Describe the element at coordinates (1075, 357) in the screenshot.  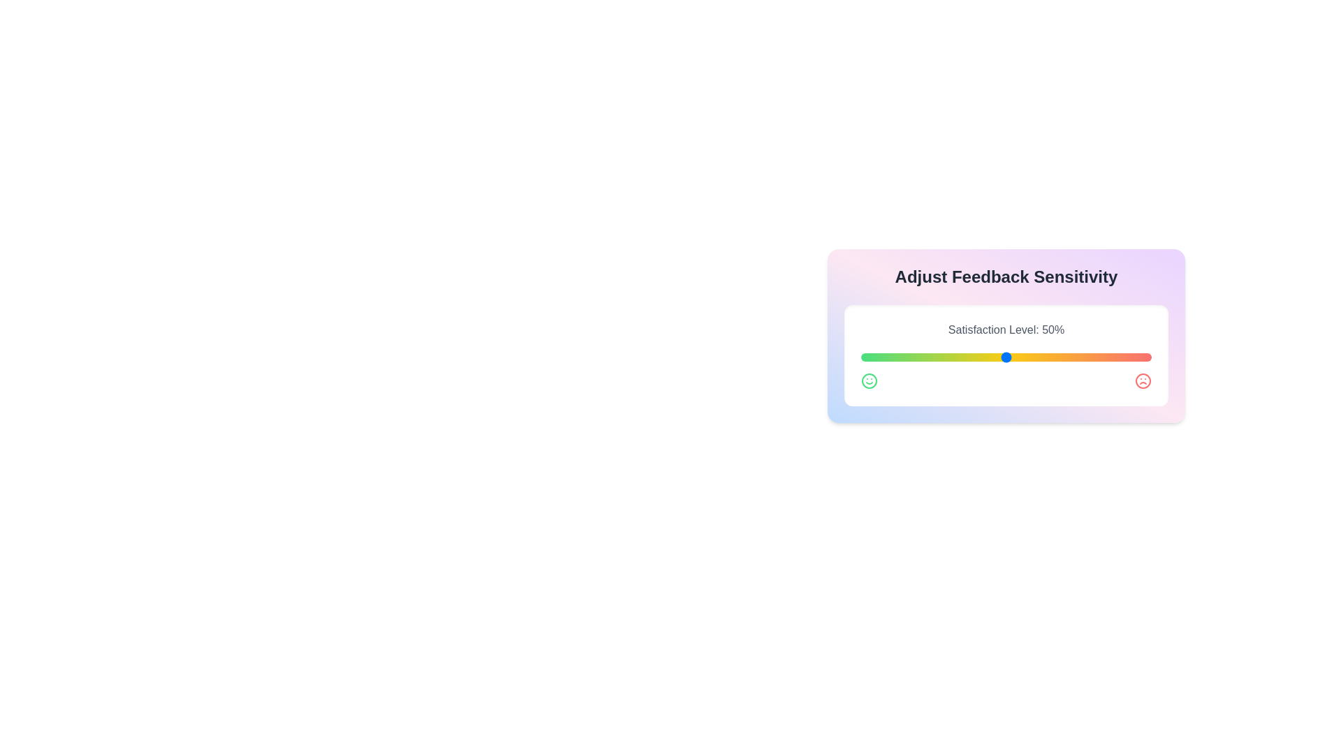
I see `the satisfaction level slider to 74%` at that location.